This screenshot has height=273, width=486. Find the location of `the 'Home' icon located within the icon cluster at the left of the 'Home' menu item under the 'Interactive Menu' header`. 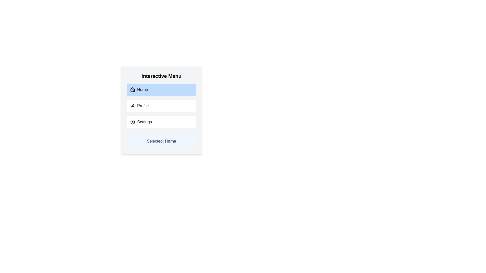

the 'Home' icon located within the icon cluster at the left of the 'Home' menu item under the 'Interactive Menu' header is located at coordinates (132, 89).